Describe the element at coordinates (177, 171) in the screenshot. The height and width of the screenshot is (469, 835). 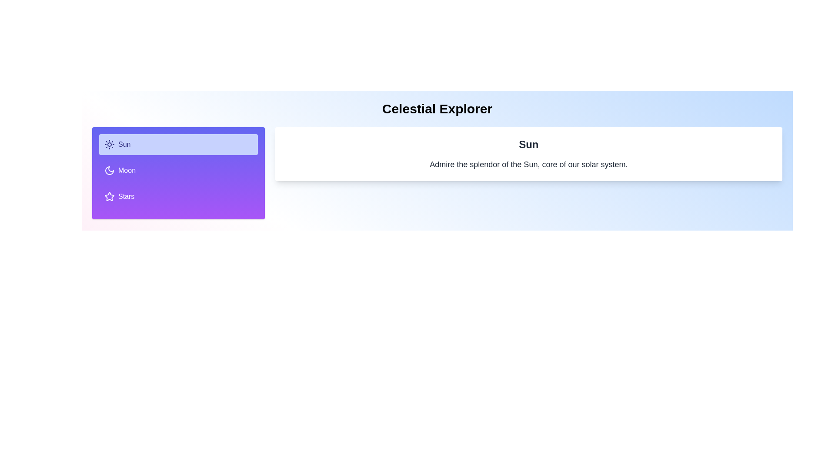
I see `the tab labeled Moon to inspect its content and layout` at that location.